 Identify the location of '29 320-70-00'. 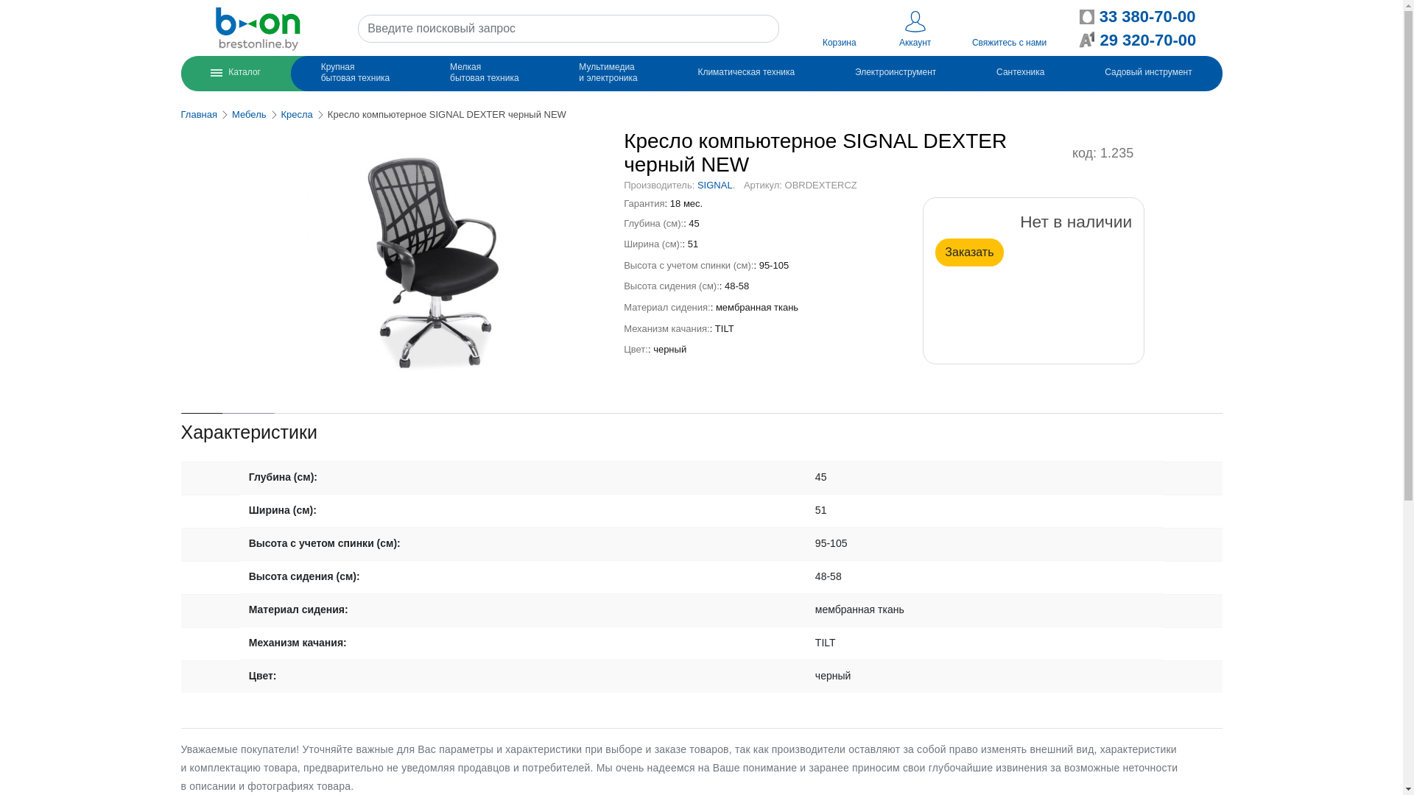
(1136, 39).